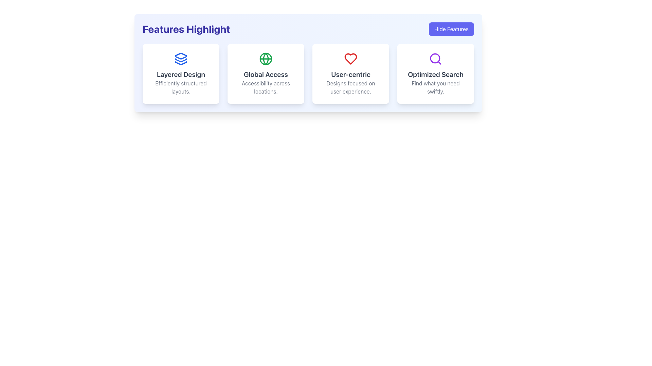  What do you see at coordinates (435, 74) in the screenshot?
I see `the interactive headline text 'Optimized Search' styled in bold and large font located in the rightmost card of feature highlight cards` at bounding box center [435, 74].